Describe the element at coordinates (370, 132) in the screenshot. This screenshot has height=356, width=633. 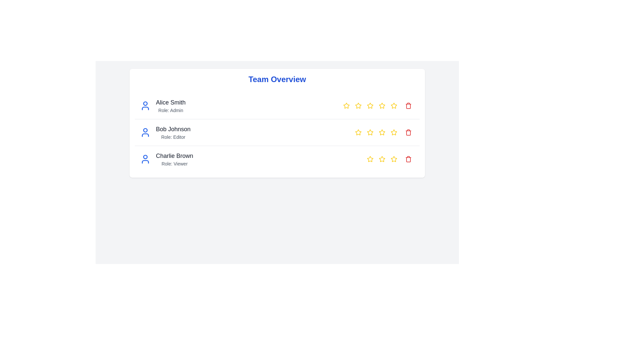
I see `the second star icon for rating in the 'Team Overview' section associated with user 'Bob Johnson'` at that location.